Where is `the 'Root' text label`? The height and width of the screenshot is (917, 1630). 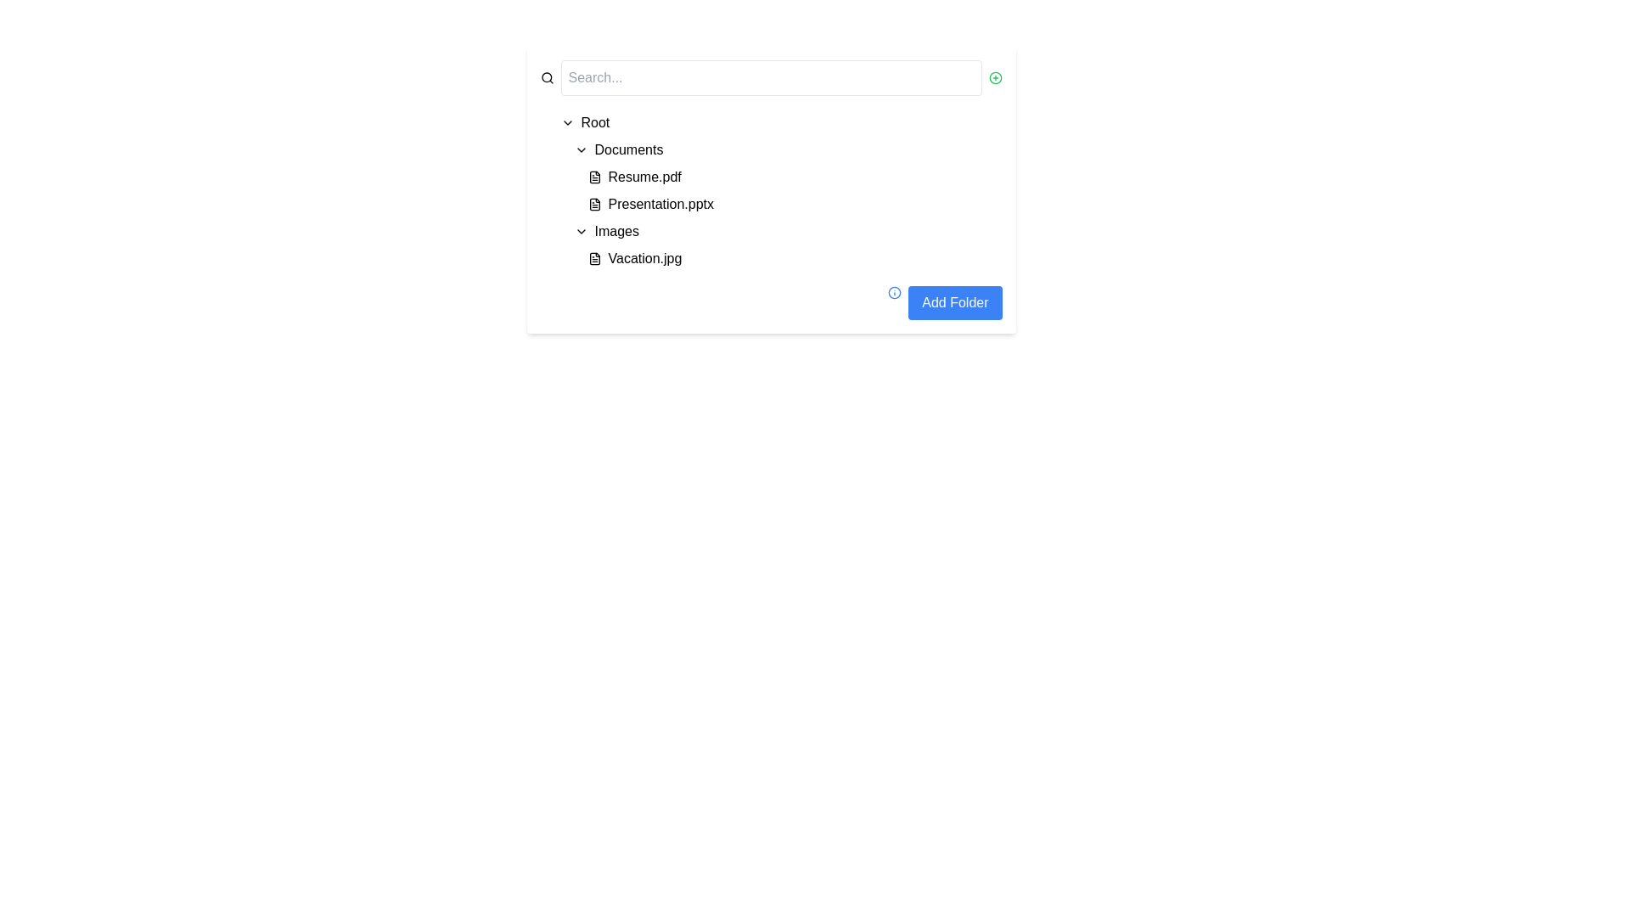 the 'Root' text label is located at coordinates (595, 122).